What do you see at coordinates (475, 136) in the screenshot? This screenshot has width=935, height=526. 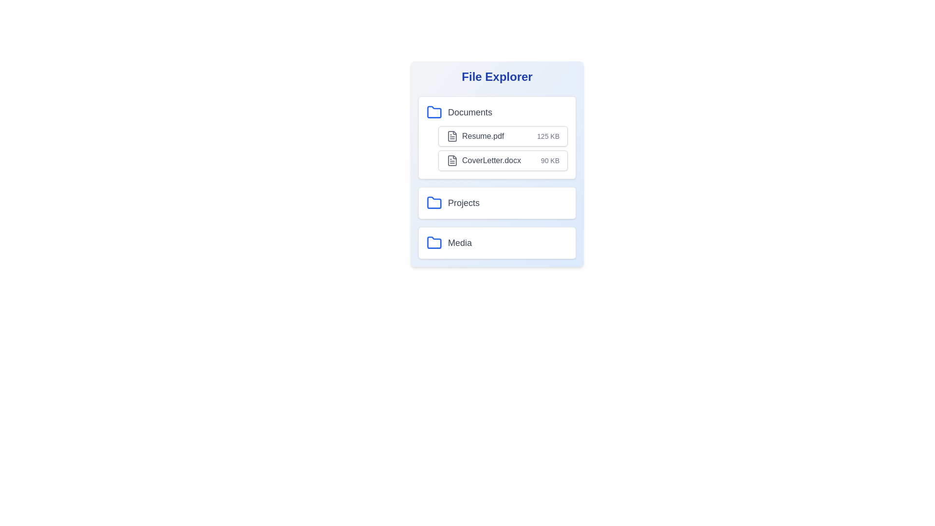 I see `the file Resume.pdf from the list` at bounding box center [475, 136].